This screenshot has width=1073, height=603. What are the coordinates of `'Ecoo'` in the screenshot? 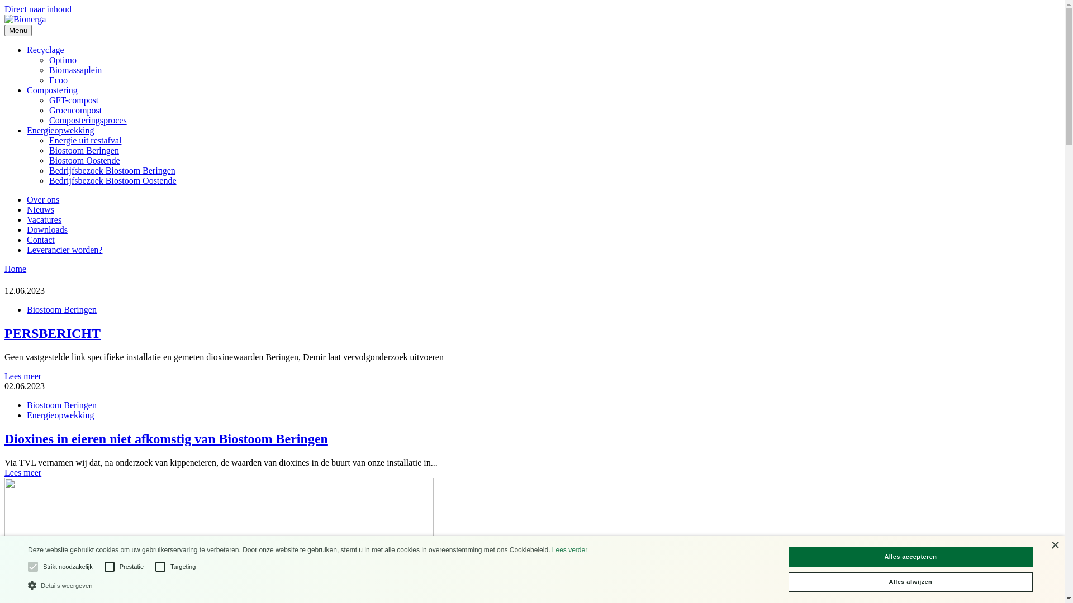 It's located at (58, 79).